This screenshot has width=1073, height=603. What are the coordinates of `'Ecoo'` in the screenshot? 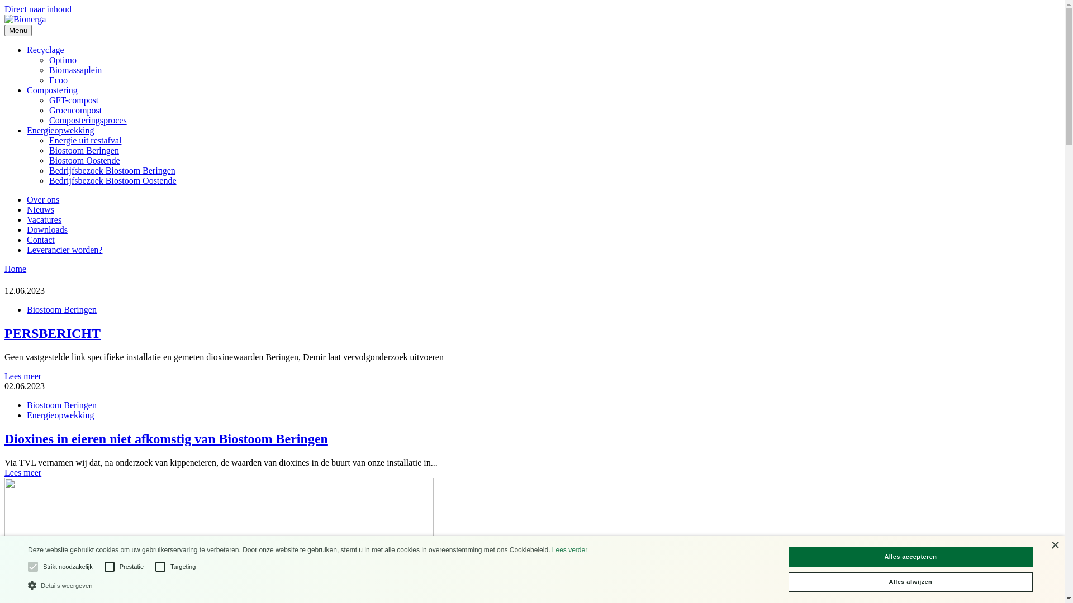 It's located at (58, 79).